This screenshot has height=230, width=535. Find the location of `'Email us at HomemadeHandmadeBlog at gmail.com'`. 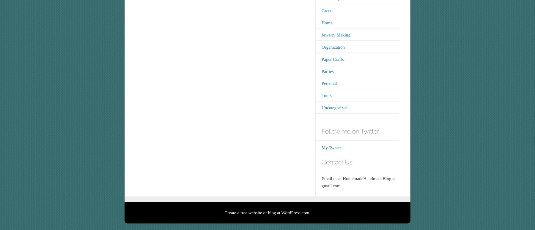

'Email us at HomemadeHandmadeBlog at gmail.com' is located at coordinates (358, 182).